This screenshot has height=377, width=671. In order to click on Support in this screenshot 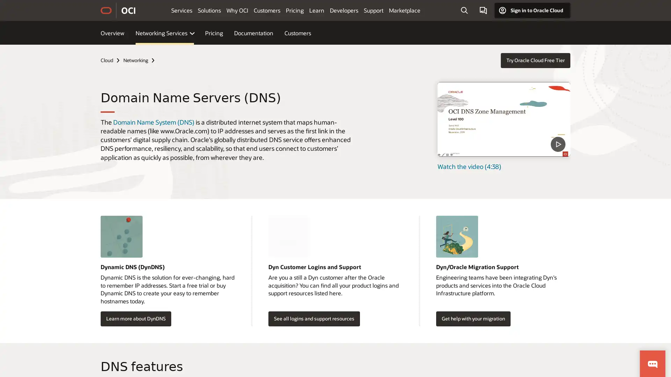, I will do `click(373, 10)`.